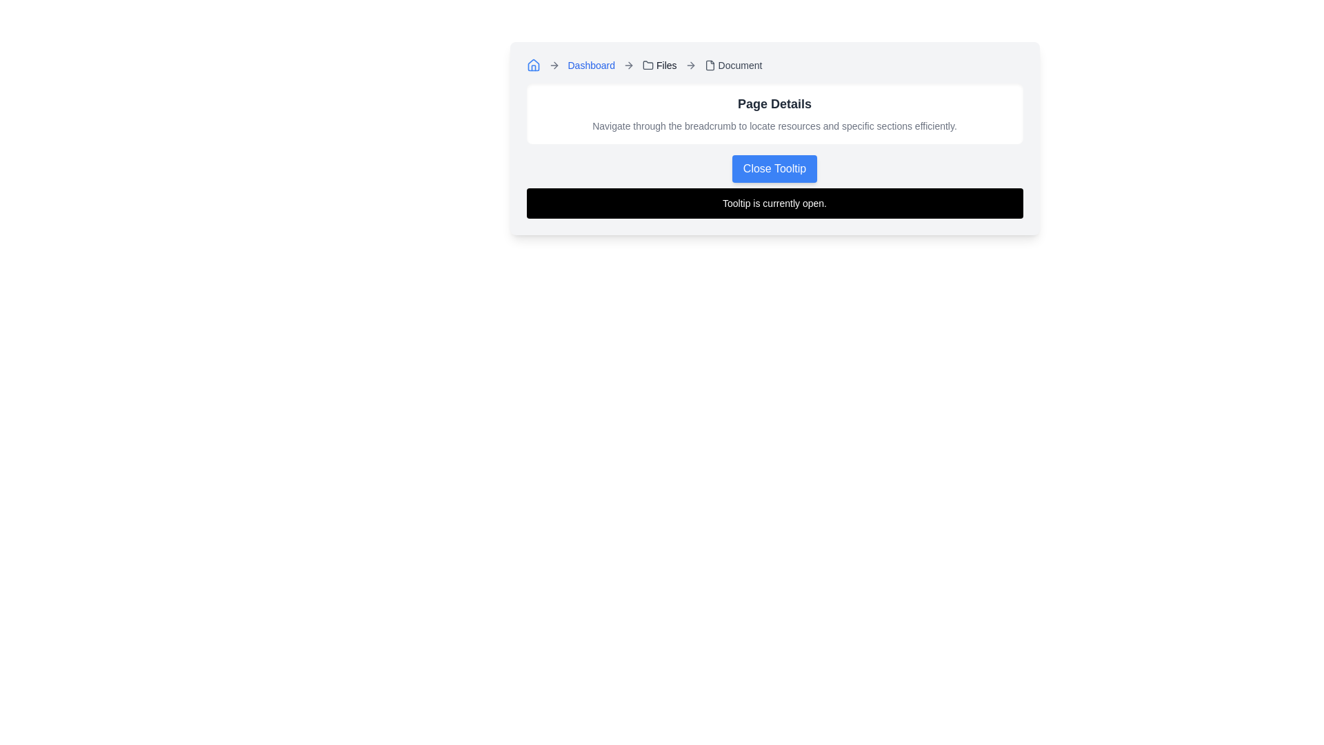  Describe the element at coordinates (710, 66) in the screenshot. I see `the document-shaped icon in the breadcrumb navigation, which is the fourth element after 'Dashboard,' 'Files,' and another icon` at that location.